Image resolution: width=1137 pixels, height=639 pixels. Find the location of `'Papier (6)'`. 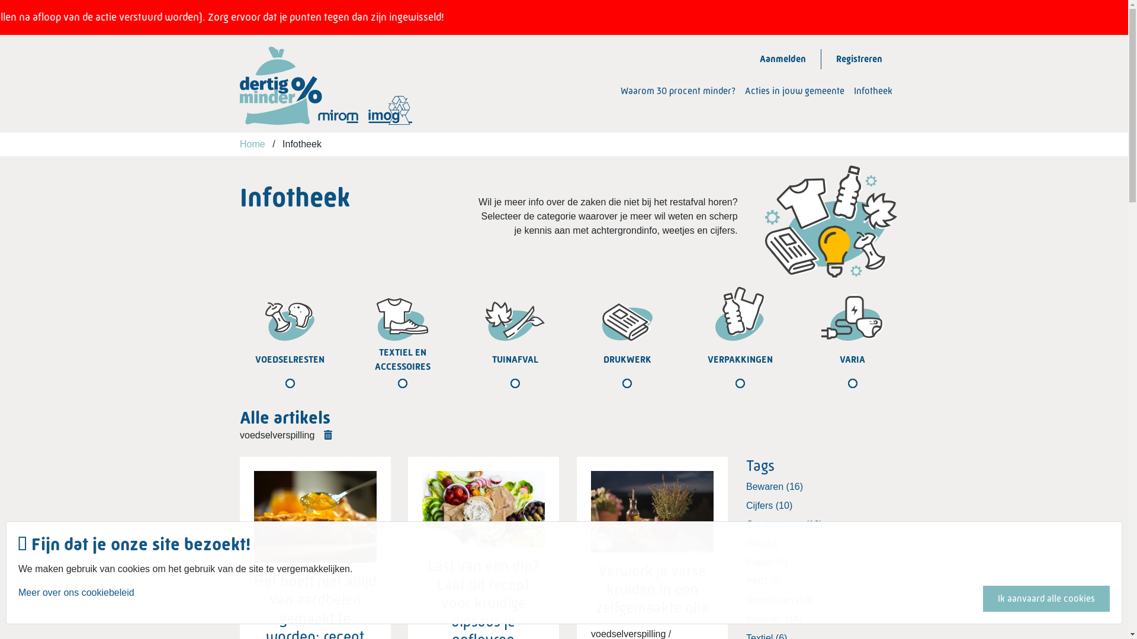

'Papier (6)' is located at coordinates (821, 562).